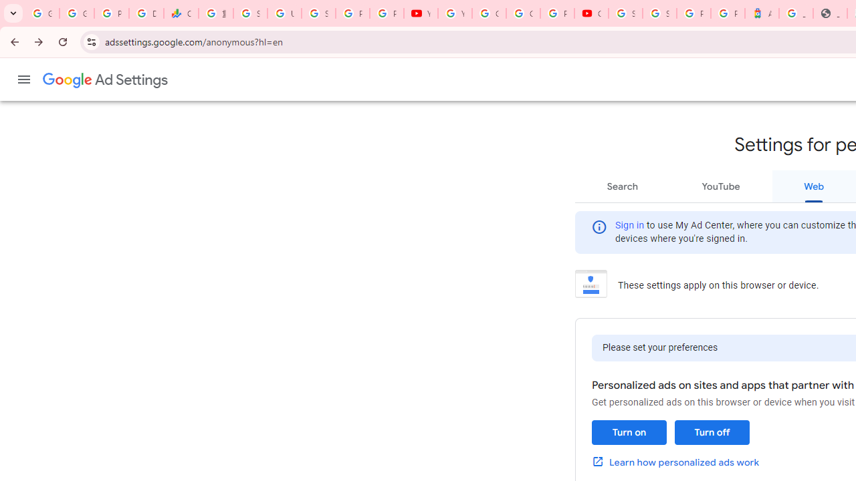 The height and width of the screenshot is (481, 856). Describe the element at coordinates (251, 13) in the screenshot. I see `'Sign in - Google Accounts'` at that location.